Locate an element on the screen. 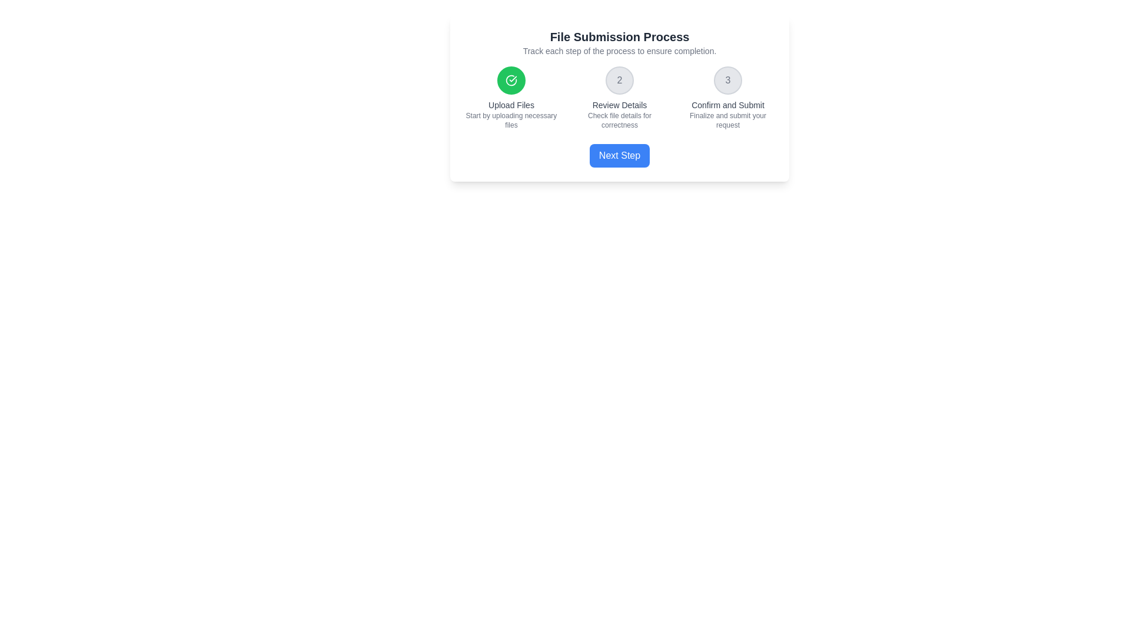 The height and width of the screenshot is (635, 1130). the textual header that displays 'File Submission Process' with the subtitle 'Track each step of the process to ensure completion.' is located at coordinates (619, 42).